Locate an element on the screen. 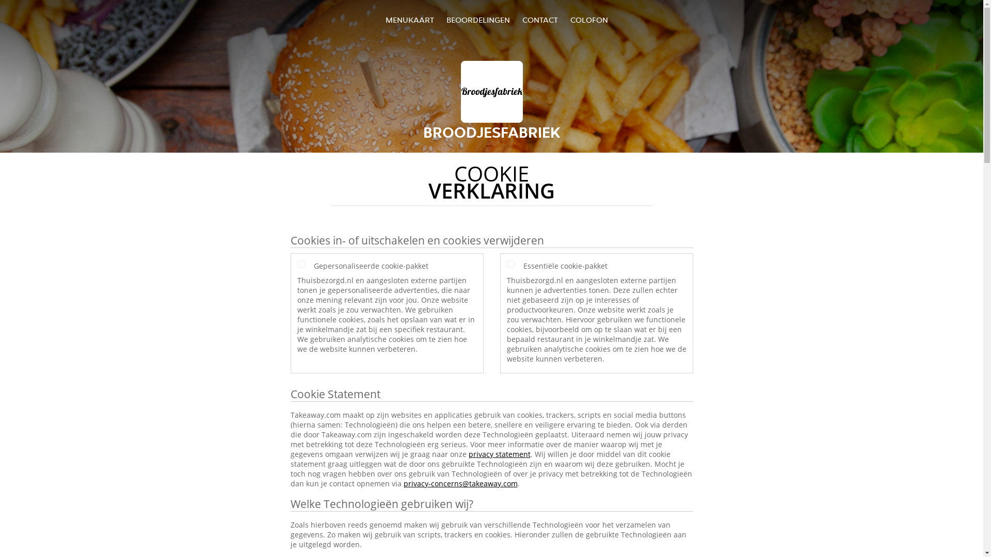  'privacy-concerns@takeaway.com' is located at coordinates (460, 483).